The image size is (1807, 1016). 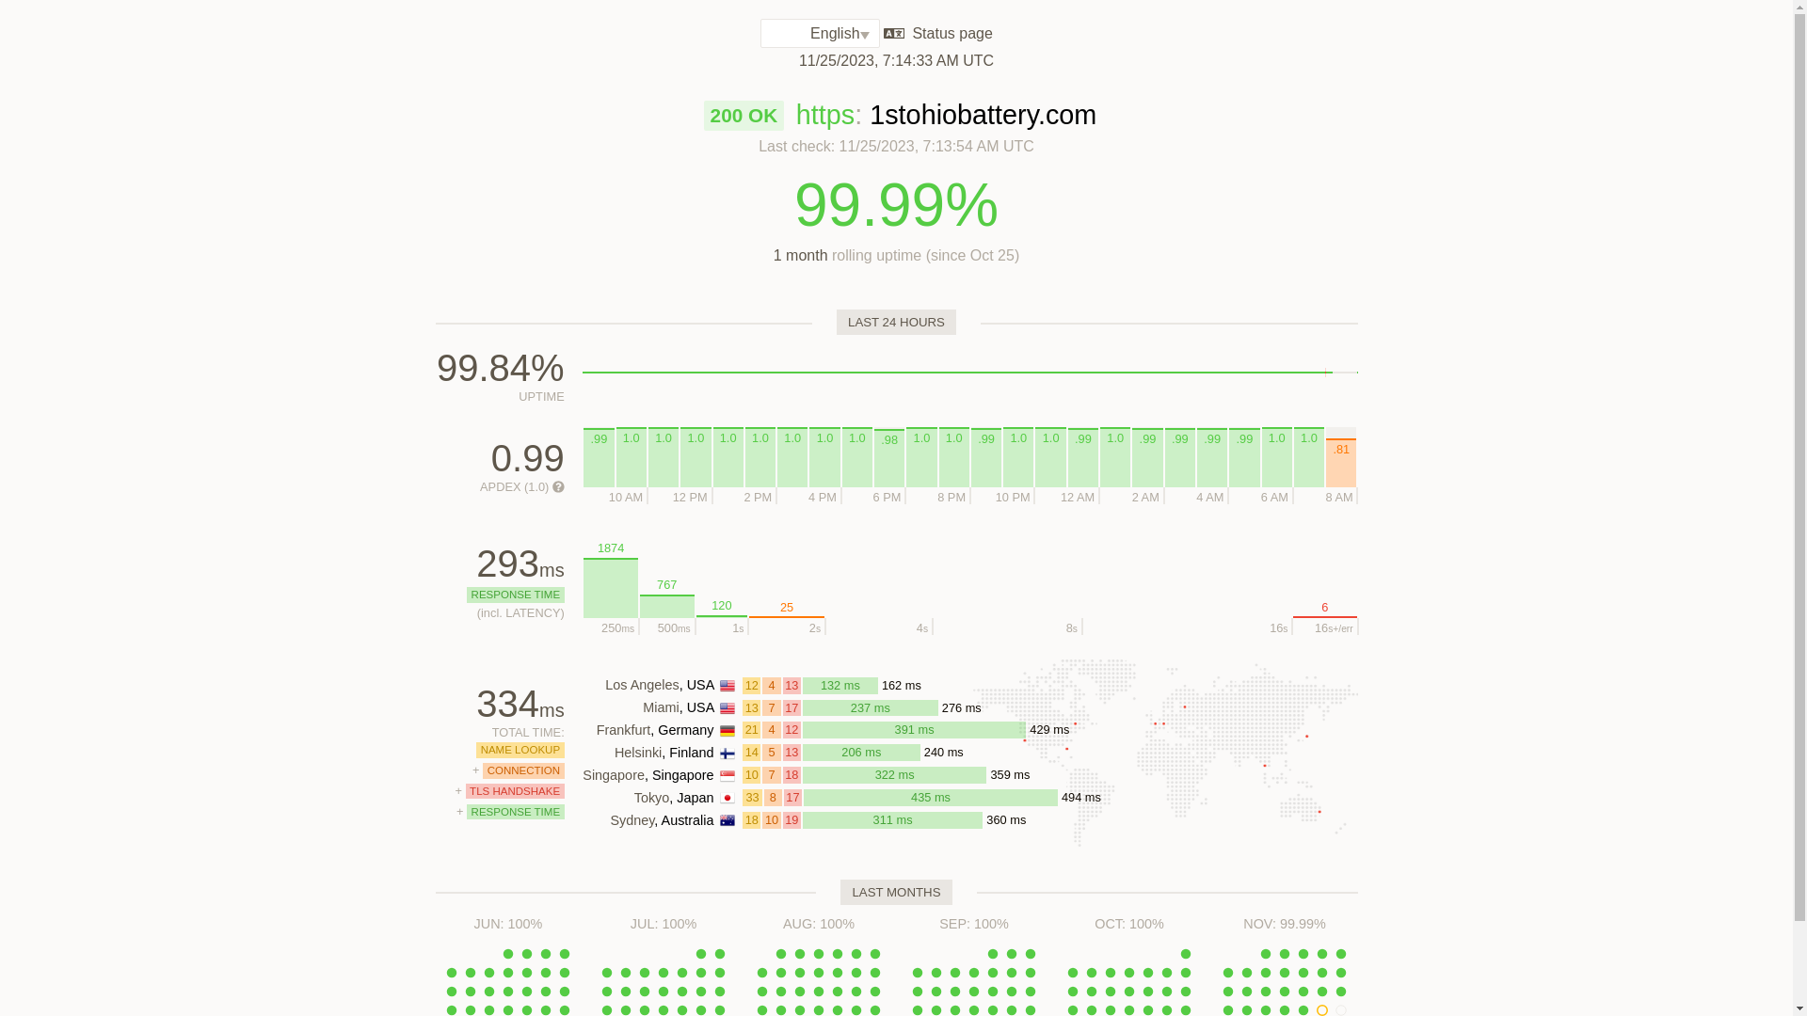 I want to click on '<small>Aug 20:</small> No downtime', so click(x=874, y=990).